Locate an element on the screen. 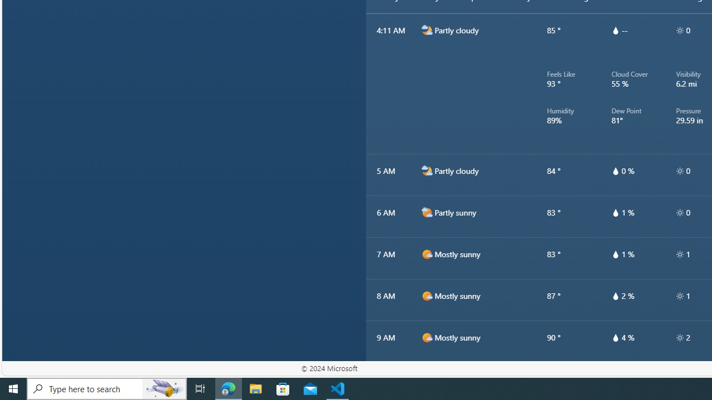 This screenshot has height=400, width=712. 'Search highlights icon opens search home window' is located at coordinates (164, 388).